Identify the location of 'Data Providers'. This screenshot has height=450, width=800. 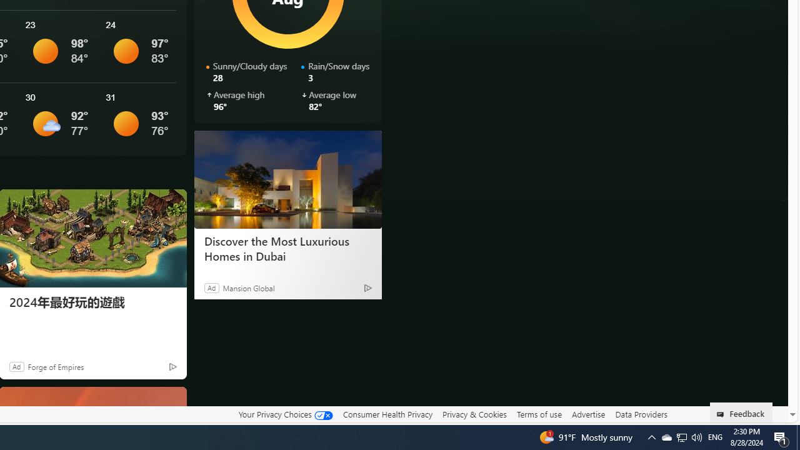
(641, 414).